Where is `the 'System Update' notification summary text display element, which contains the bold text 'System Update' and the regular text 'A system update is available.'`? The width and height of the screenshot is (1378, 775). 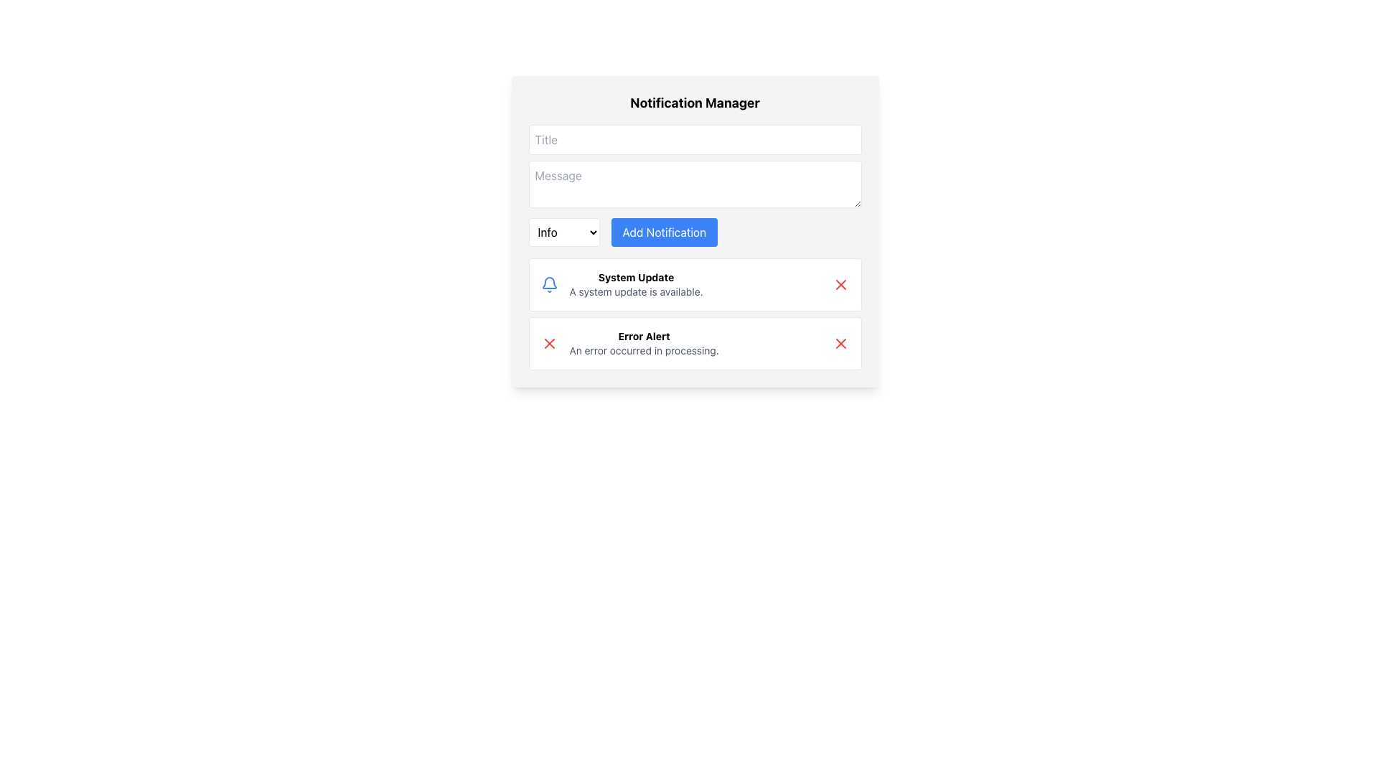
the 'System Update' notification summary text display element, which contains the bold text 'System Update' and the regular text 'A system update is available.' is located at coordinates (635, 285).